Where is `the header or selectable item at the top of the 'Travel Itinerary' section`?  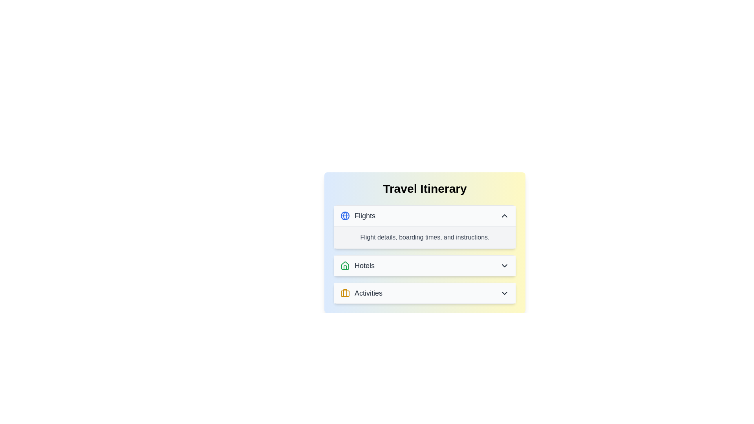 the header or selectable item at the top of the 'Travel Itinerary' section is located at coordinates (357, 216).